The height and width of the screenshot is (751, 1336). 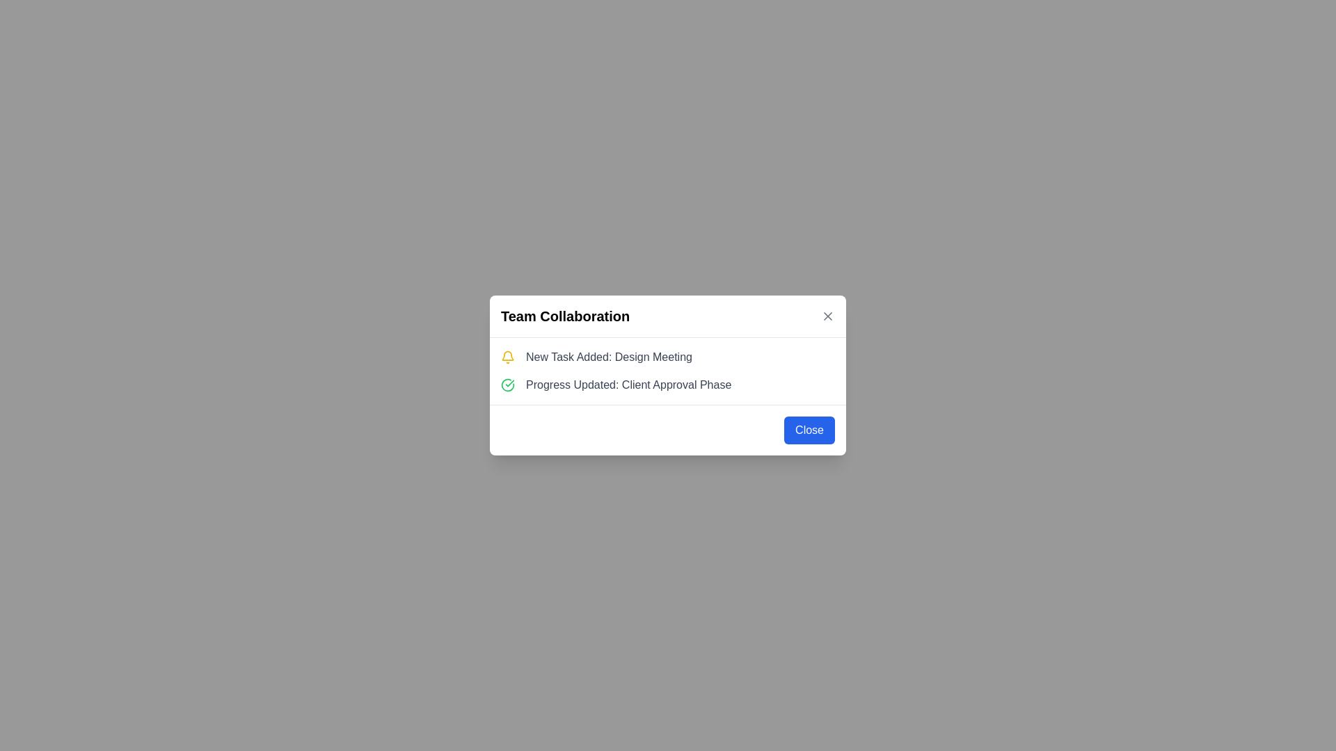 What do you see at coordinates (668, 385) in the screenshot?
I see `the notification item that indicates 'Progress Updated: Client Approval Phase', which is the second item under the 'Team Collaboration' section` at bounding box center [668, 385].